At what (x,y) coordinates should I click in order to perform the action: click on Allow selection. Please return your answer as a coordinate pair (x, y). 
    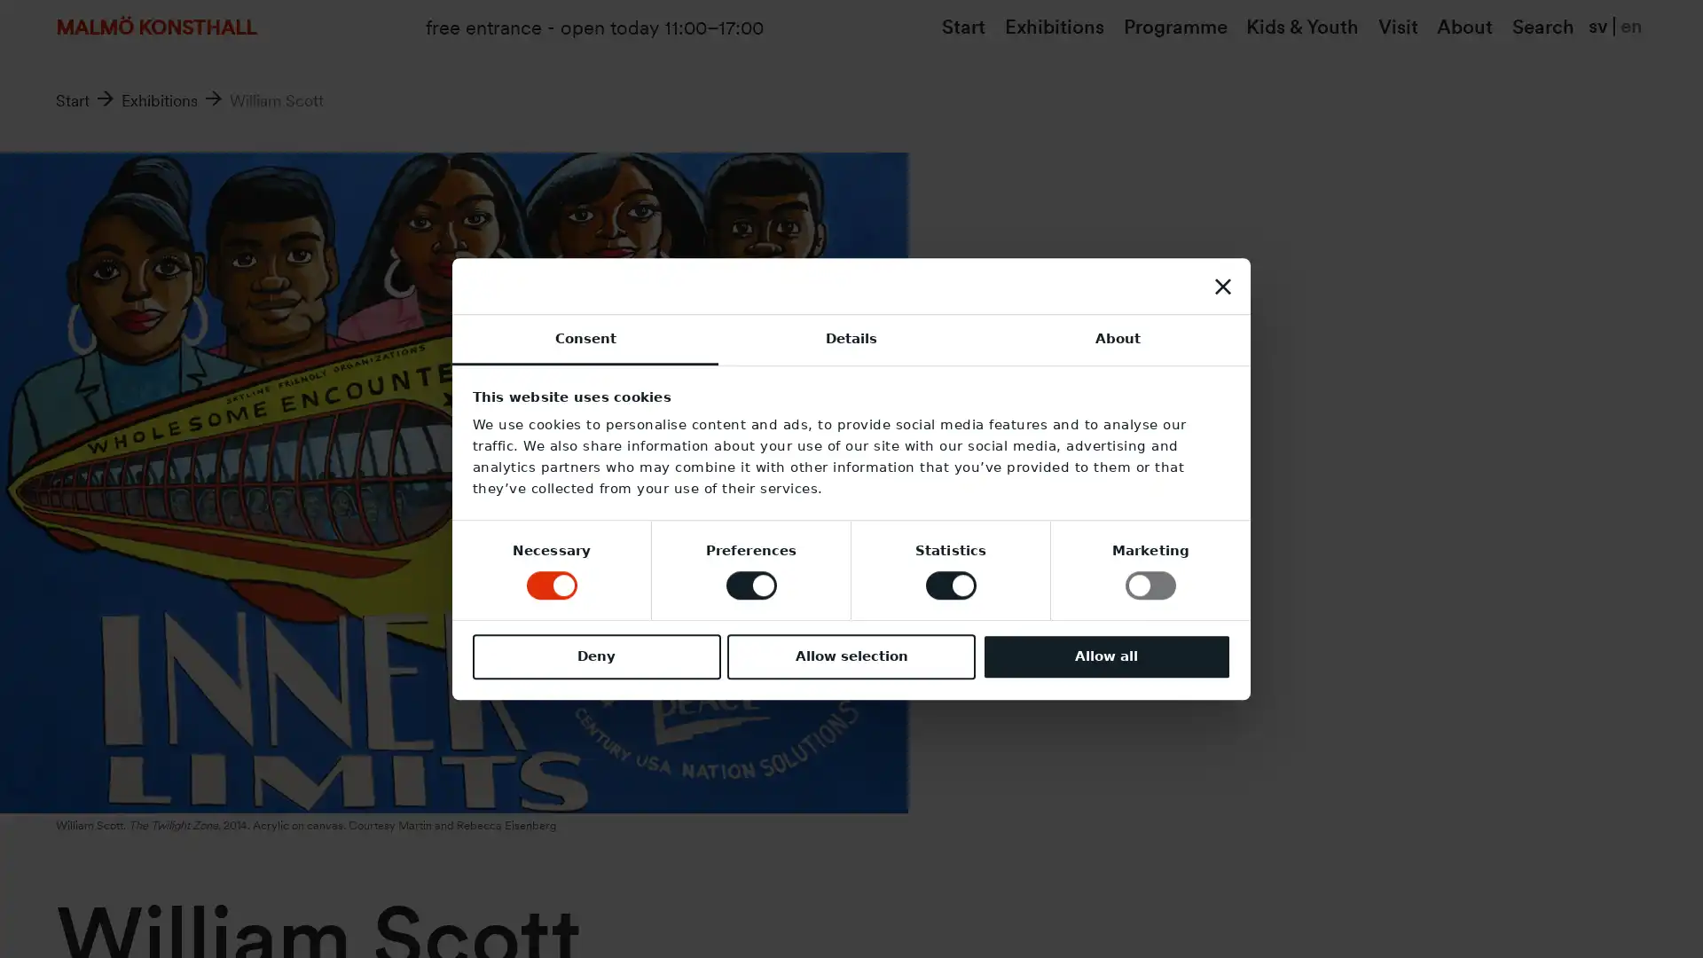
    Looking at the image, I should click on (851, 656).